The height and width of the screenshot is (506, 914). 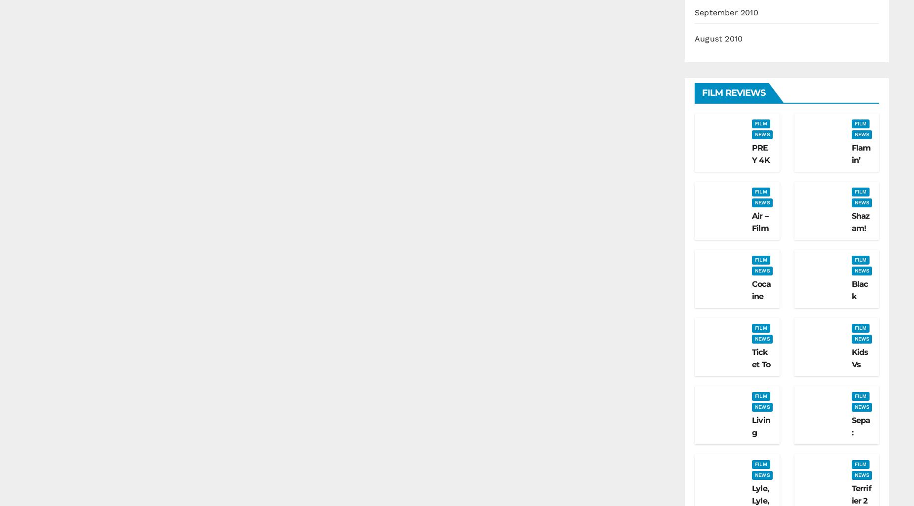 What do you see at coordinates (760, 178) in the screenshot?
I see `'PREY 4K REVIEW (2023)'` at bounding box center [760, 178].